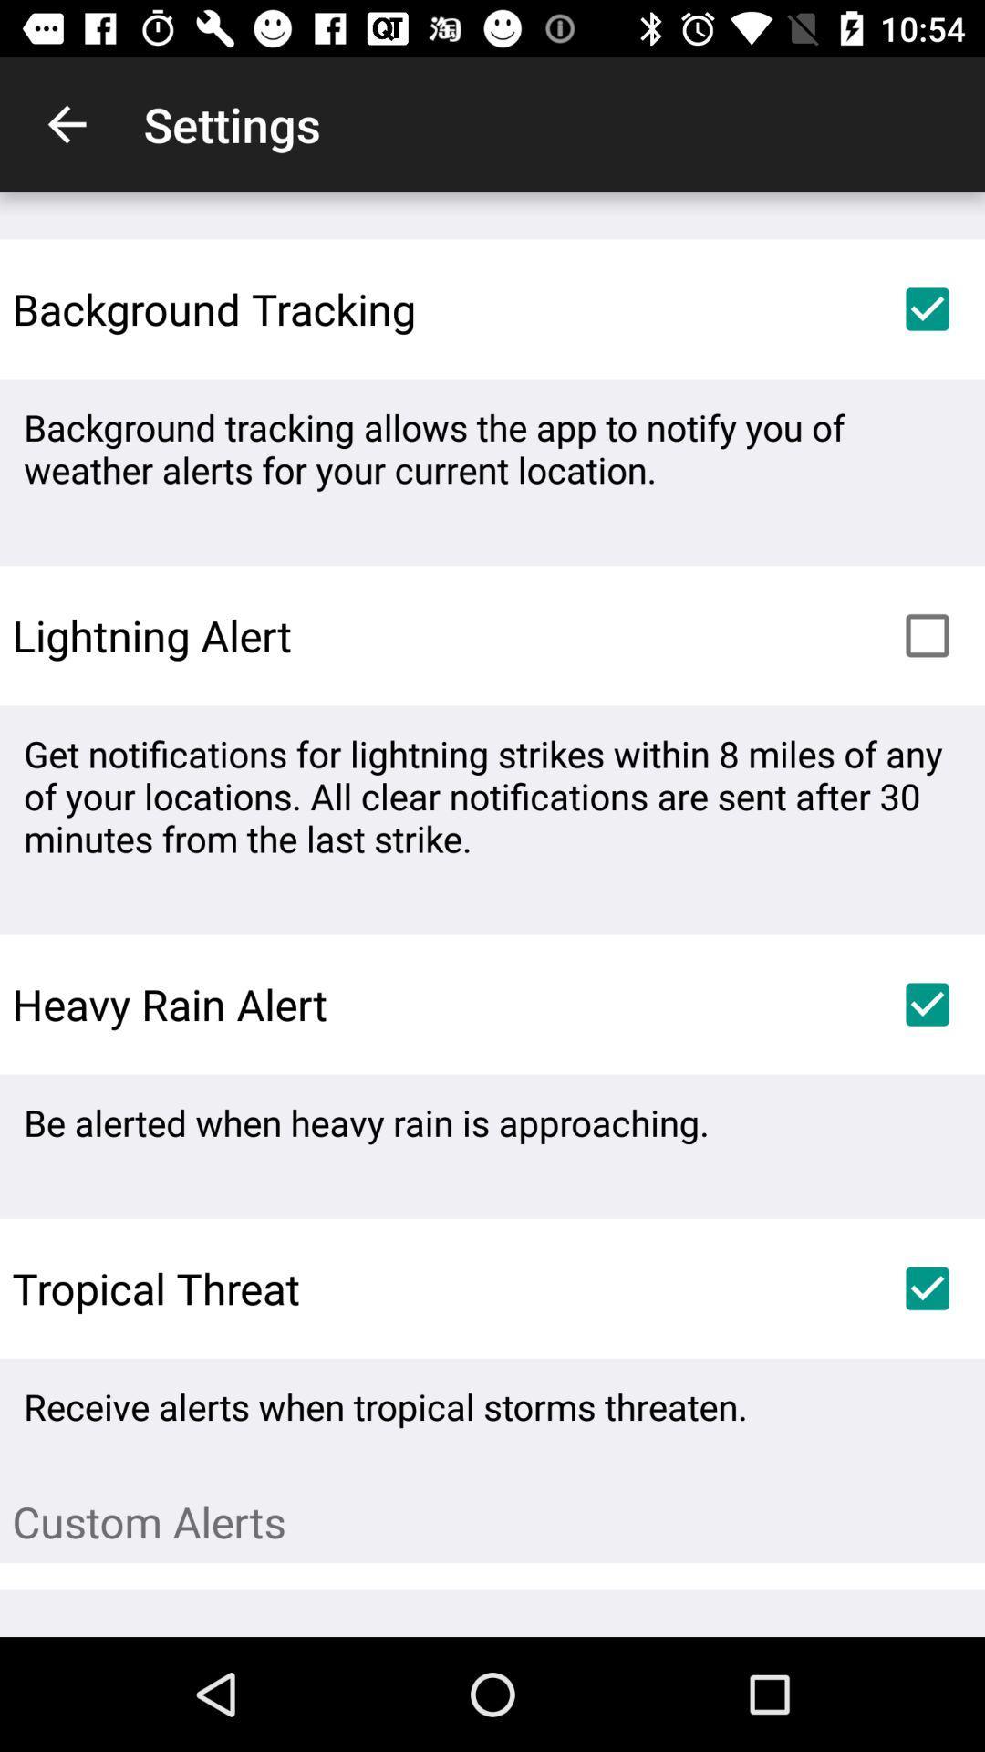  I want to click on item below the custom alerts item, so click(928, 1612).